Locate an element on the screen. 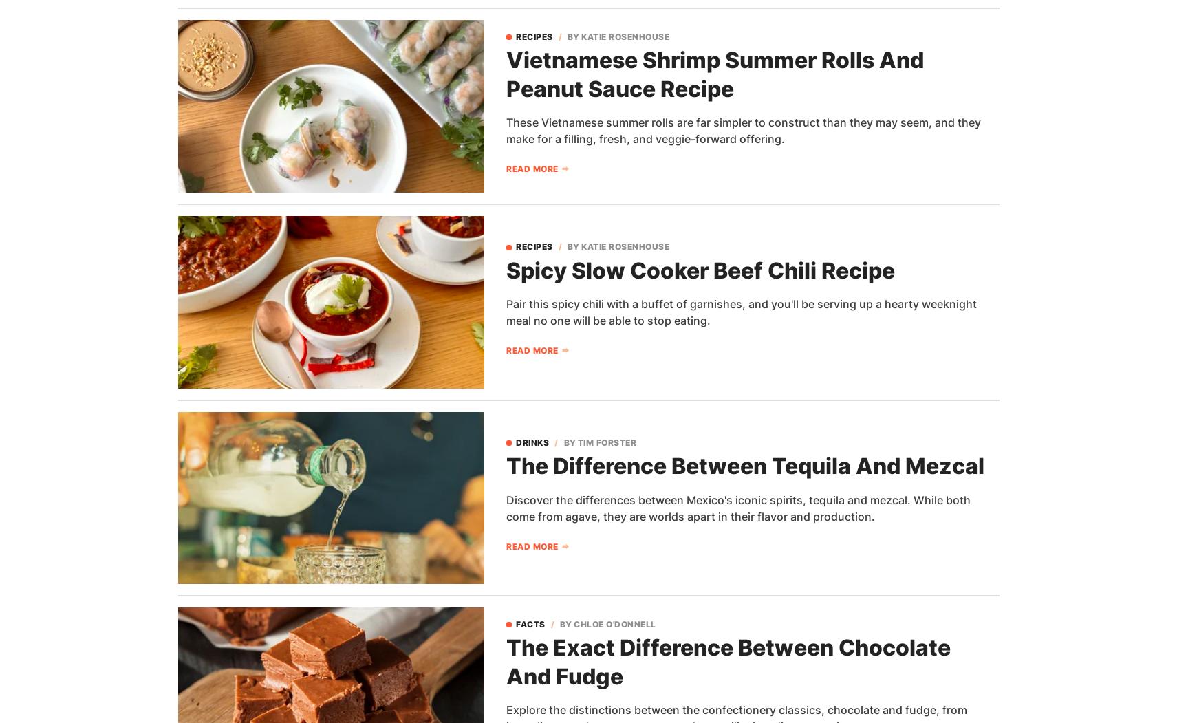 Image resolution: width=1177 pixels, height=723 pixels. 'Pair this spicy chili with a buffet of garnishes, and you'll be serving up a hearty weeknight meal no one will be able to stop eating.' is located at coordinates (741, 312).